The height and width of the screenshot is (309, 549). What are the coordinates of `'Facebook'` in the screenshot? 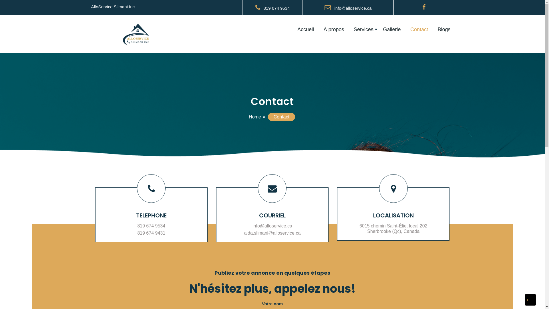 It's located at (424, 7).